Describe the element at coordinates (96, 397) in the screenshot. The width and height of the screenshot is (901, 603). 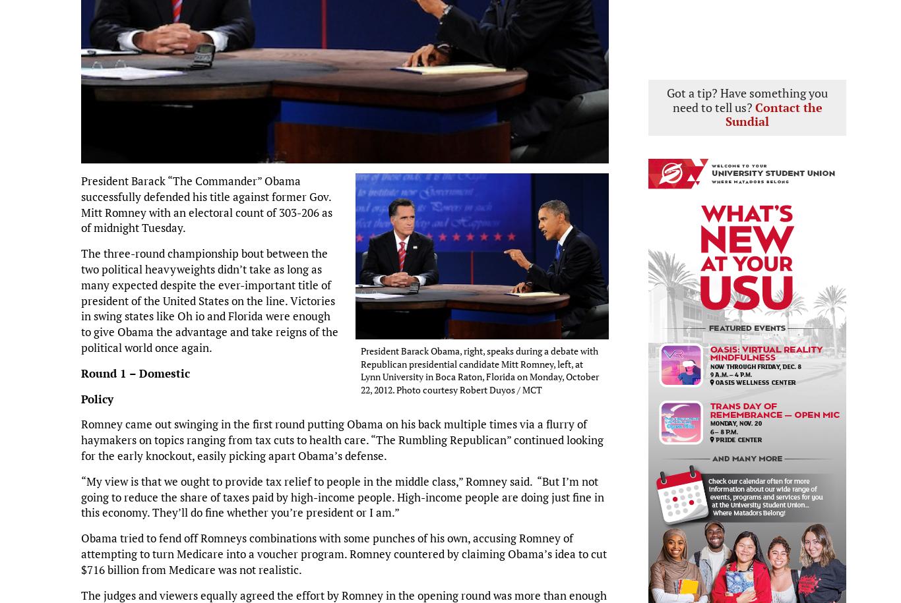
I see `'Policy'` at that location.